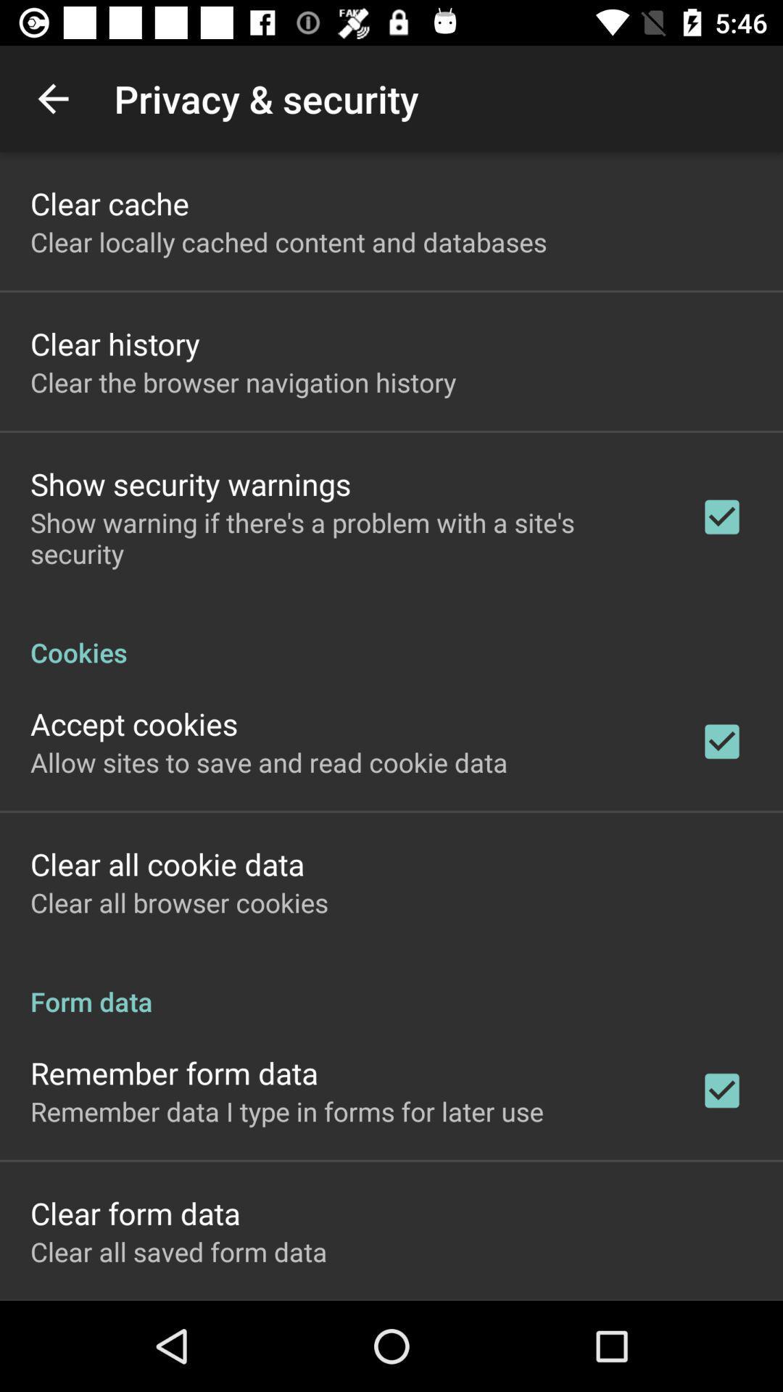 Image resolution: width=783 pixels, height=1392 pixels. What do you see at coordinates (269, 761) in the screenshot?
I see `the app below the accept cookies item` at bounding box center [269, 761].